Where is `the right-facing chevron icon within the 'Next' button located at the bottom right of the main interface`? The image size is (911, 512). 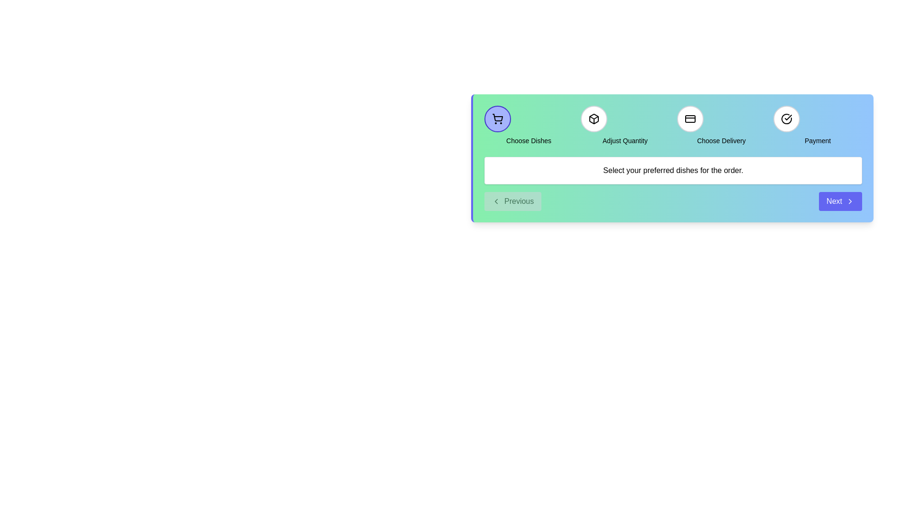 the right-facing chevron icon within the 'Next' button located at the bottom right of the main interface is located at coordinates (850, 201).